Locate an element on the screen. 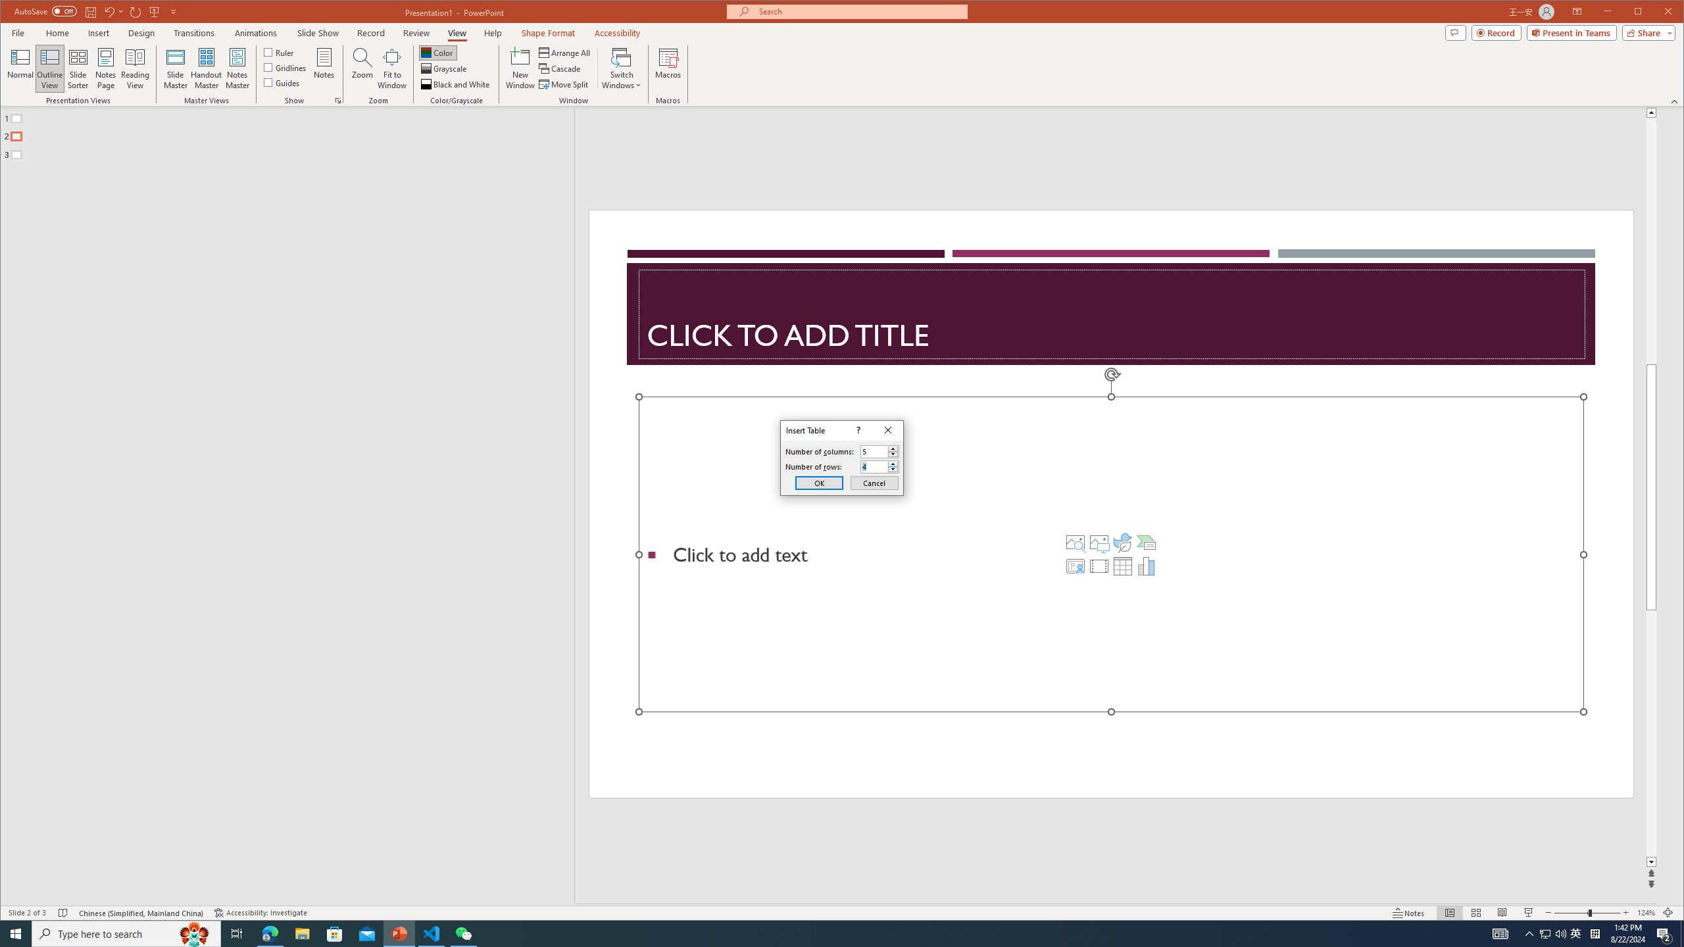  'Macros' is located at coordinates (668, 68).